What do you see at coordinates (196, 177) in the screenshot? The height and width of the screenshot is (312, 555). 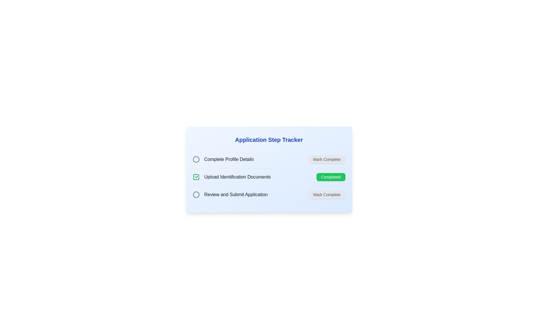 I see `the green-outlined square icon with a green check mark that is positioned to the left of the text 'Upload Identification Documents' in the application step tracker interface` at bounding box center [196, 177].